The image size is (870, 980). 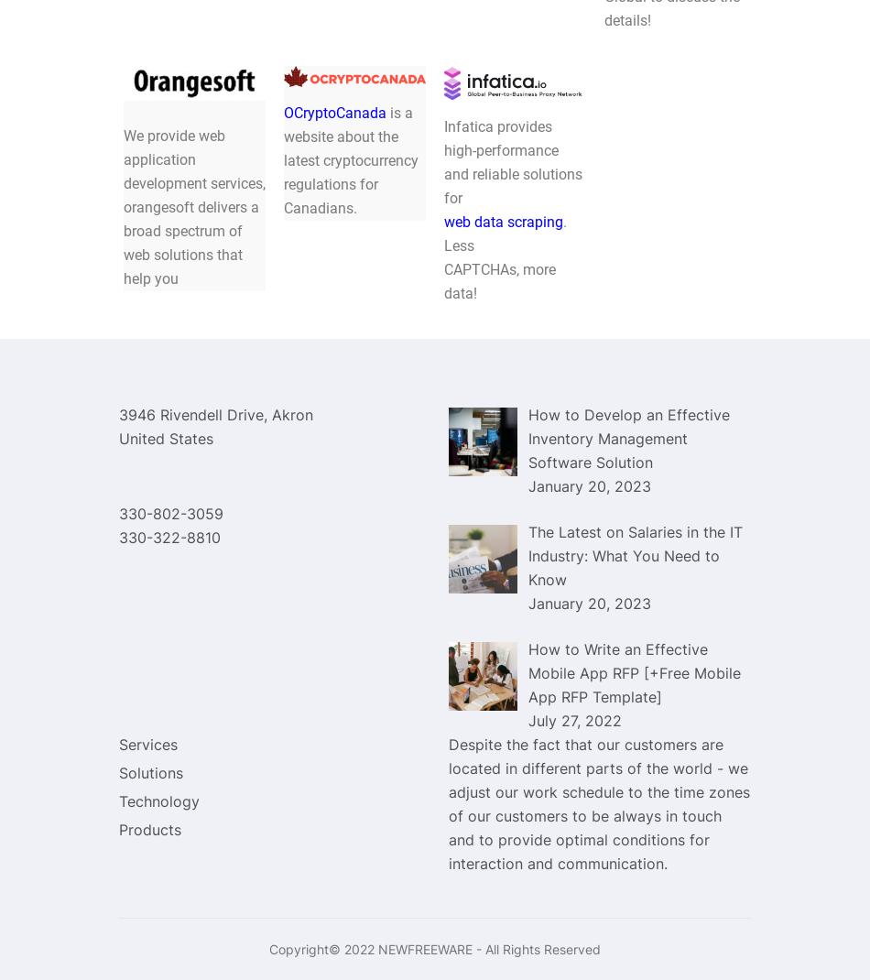 I want to click on 'Solutions', so click(x=151, y=773).